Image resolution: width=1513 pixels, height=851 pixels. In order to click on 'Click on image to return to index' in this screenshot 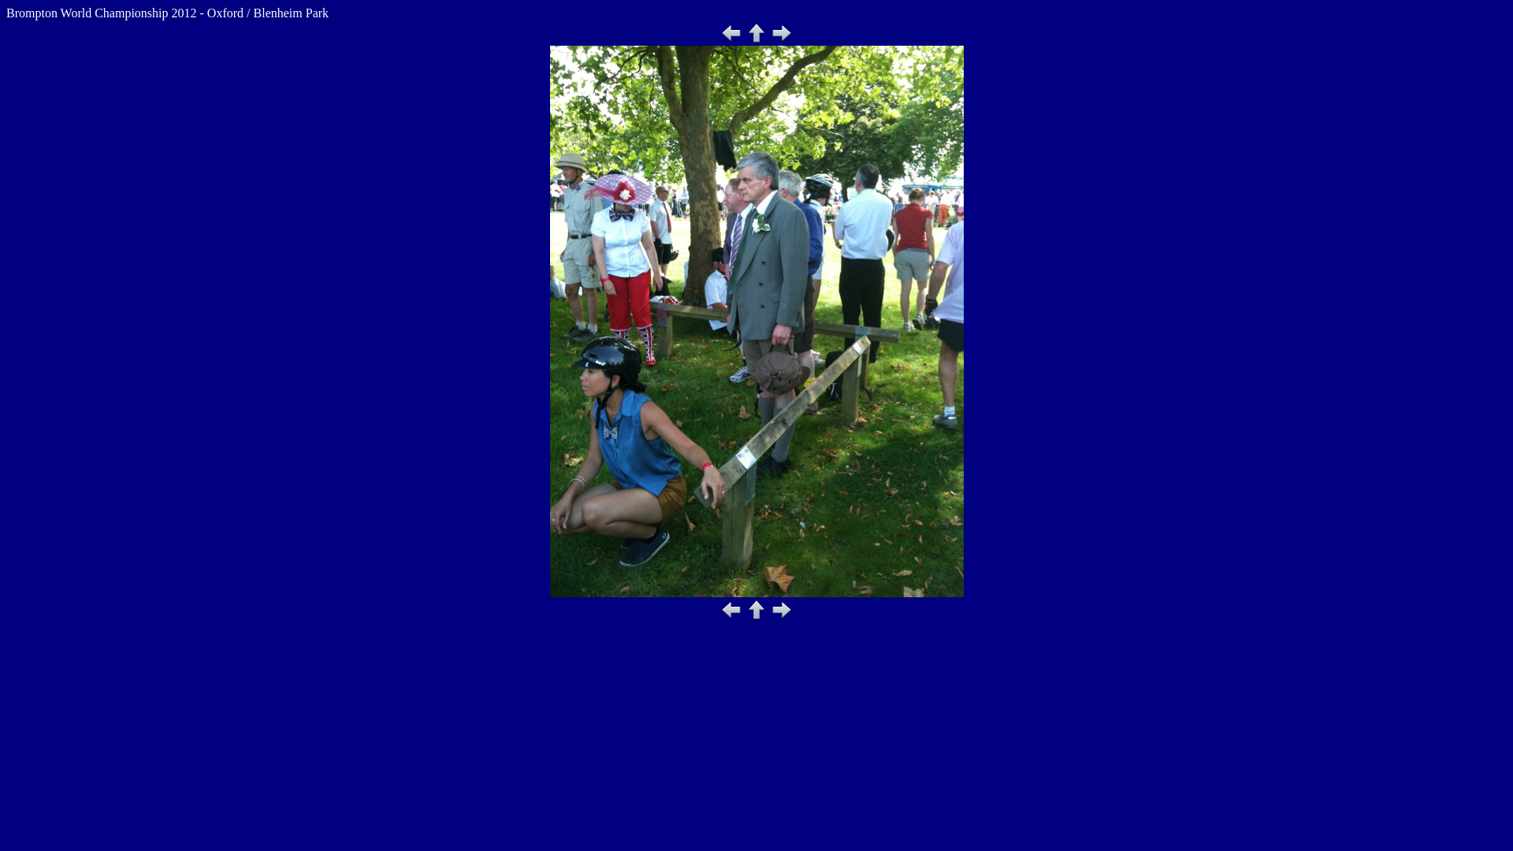, I will do `click(756, 321)`.